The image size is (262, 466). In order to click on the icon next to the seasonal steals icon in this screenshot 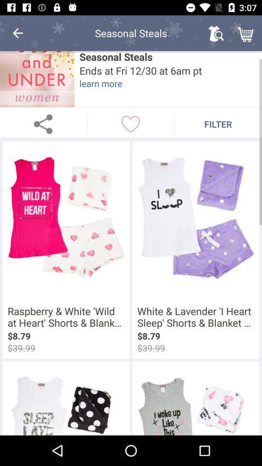, I will do `click(36, 78)`.